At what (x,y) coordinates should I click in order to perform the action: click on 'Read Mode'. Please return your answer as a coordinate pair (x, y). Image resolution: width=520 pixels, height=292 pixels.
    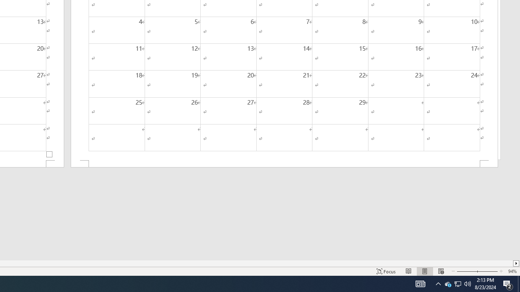
    Looking at the image, I should click on (409, 271).